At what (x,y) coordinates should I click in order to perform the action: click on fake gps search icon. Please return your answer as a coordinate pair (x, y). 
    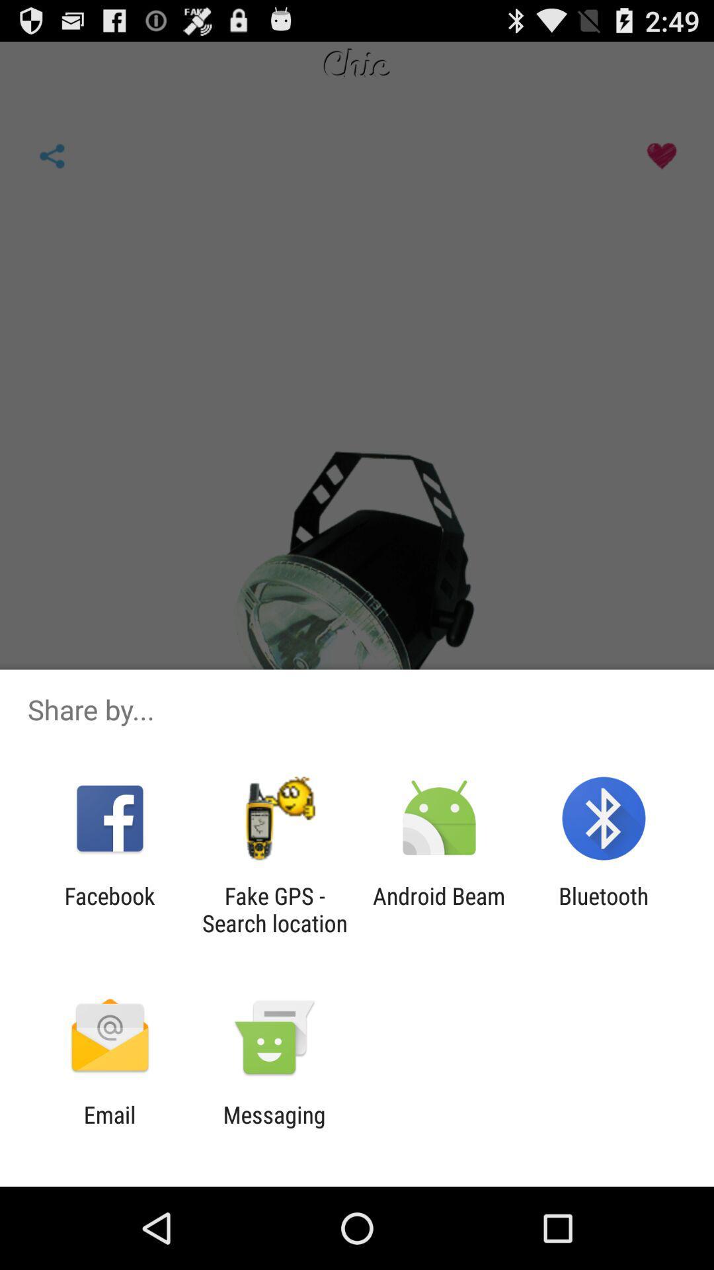
    Looking at the image, I should click on (274, 909).